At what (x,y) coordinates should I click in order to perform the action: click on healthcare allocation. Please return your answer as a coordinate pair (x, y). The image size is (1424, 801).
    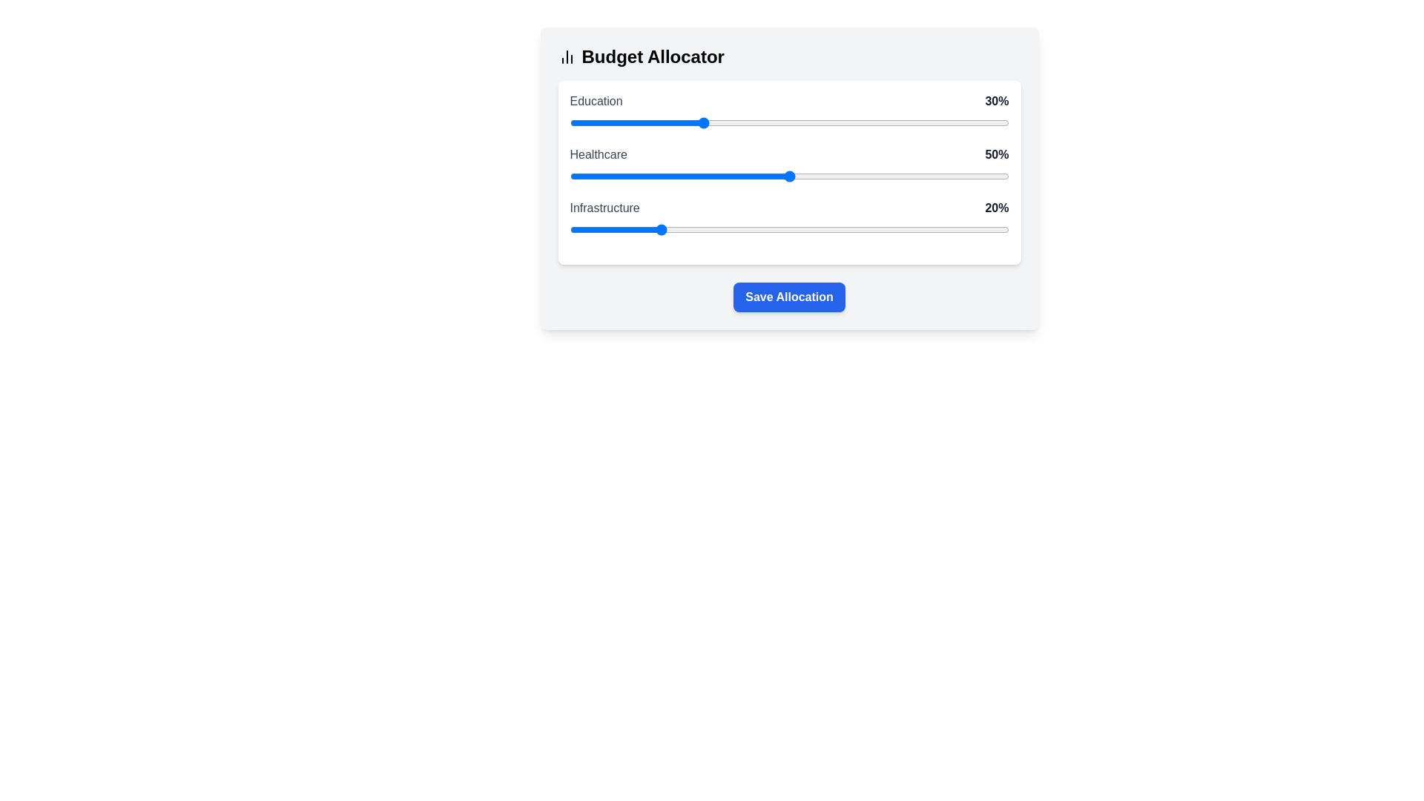
    Looking at the image, I should click on (631, 176).